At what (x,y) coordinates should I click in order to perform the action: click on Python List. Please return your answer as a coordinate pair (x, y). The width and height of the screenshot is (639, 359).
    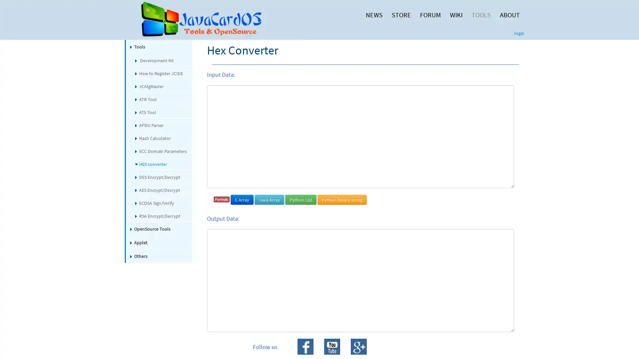
    Looking at the image, I should click on (300, 199).